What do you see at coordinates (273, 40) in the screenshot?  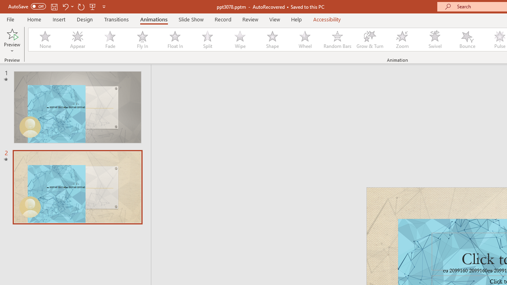 I see `'Shape'` at bounding box center [273, 40].